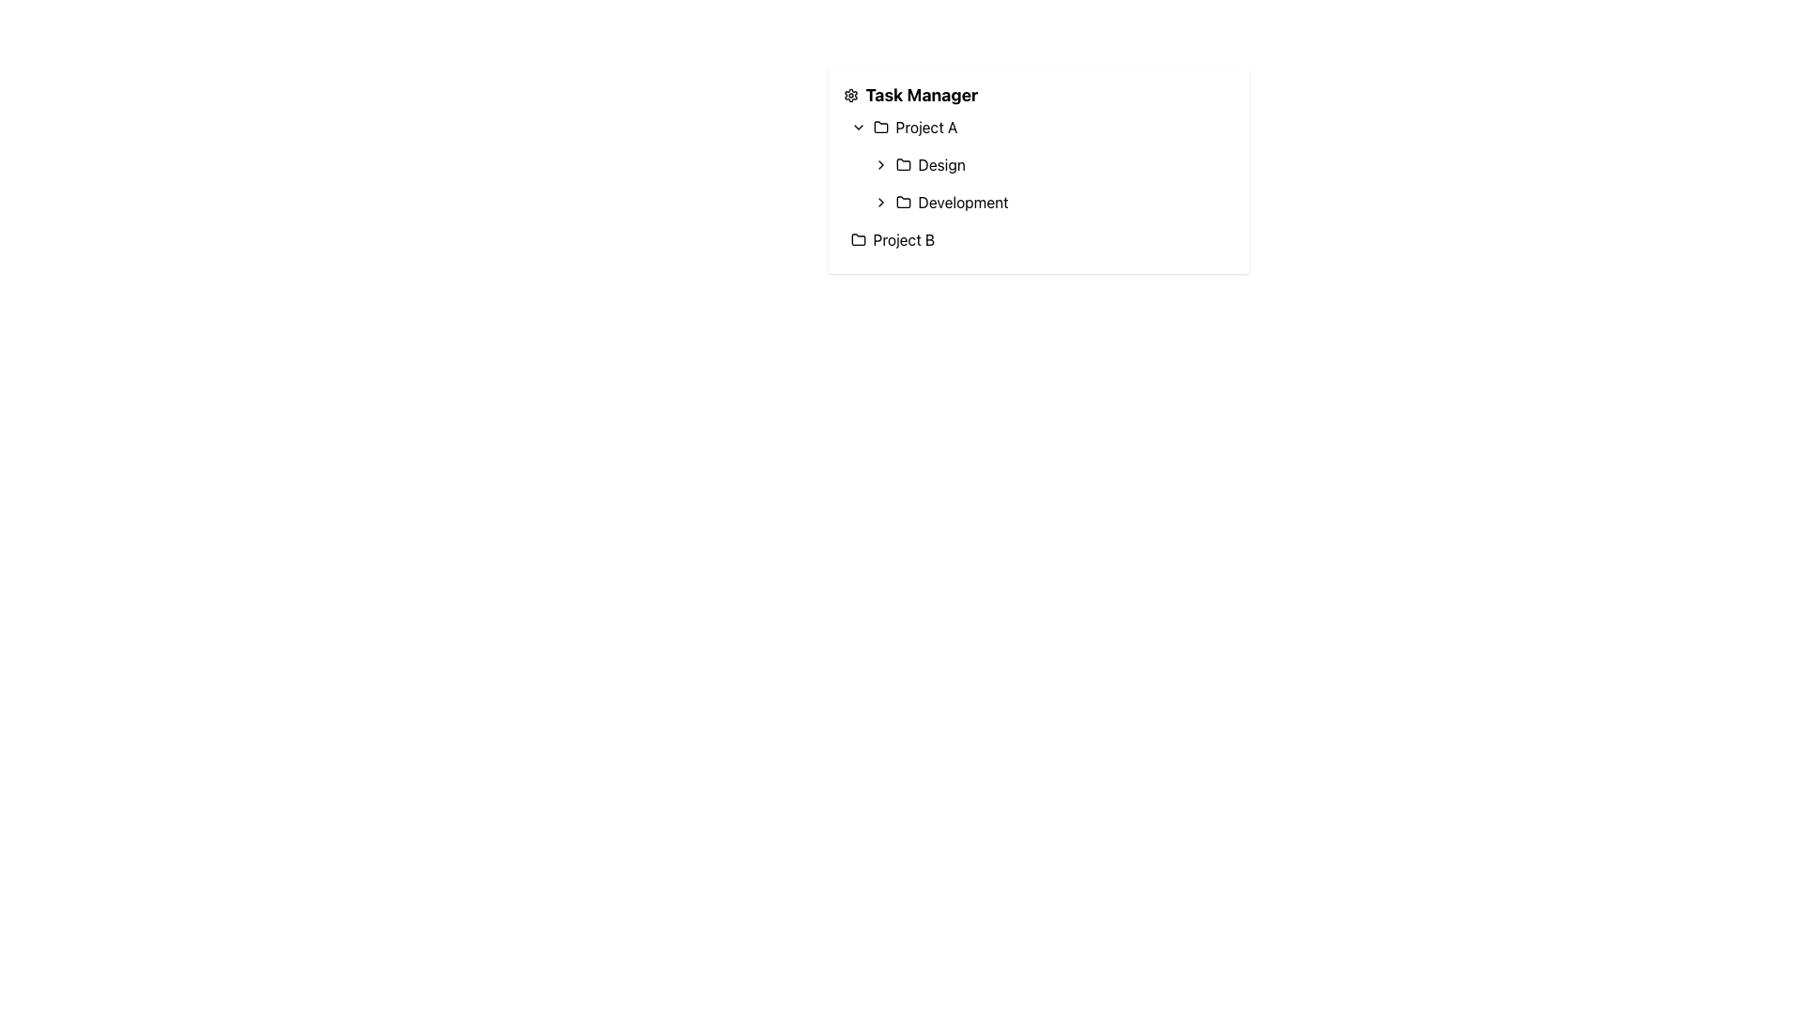 The width and height of the screenshot is (1802, 1013). I want to click on the hierarchical list component item, so click(1037, 170).